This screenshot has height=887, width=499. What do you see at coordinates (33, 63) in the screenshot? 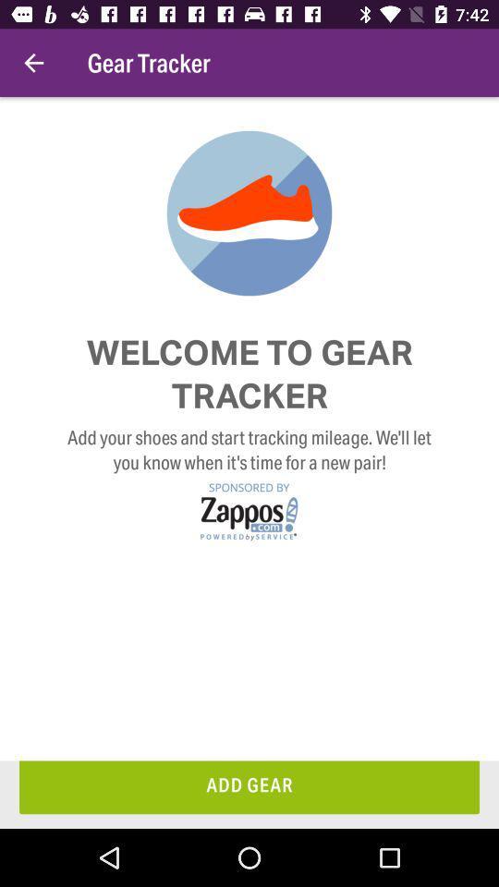
I see `icon above welcome to gear icon` at bounding box center [33, 63].